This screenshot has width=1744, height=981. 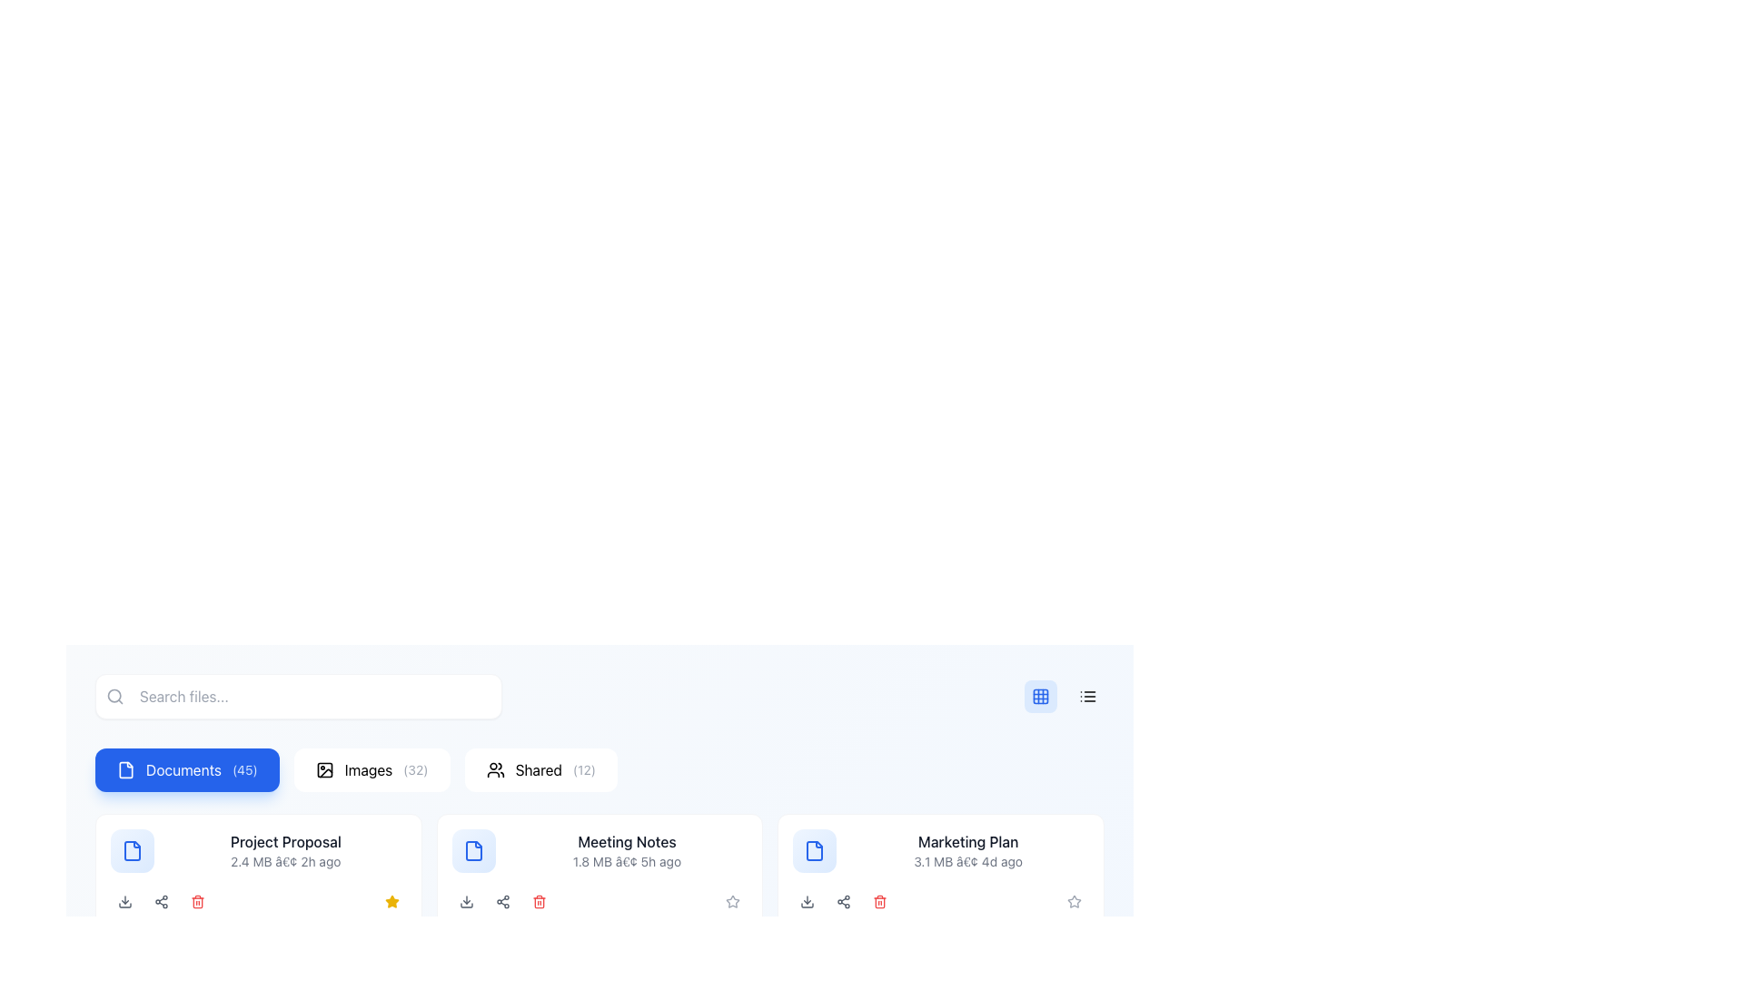 I want to click on the information presented in the small text label displaying '(12)' located to the immediate right of the 'Shared' label within its group, so click(x=584, y=770).